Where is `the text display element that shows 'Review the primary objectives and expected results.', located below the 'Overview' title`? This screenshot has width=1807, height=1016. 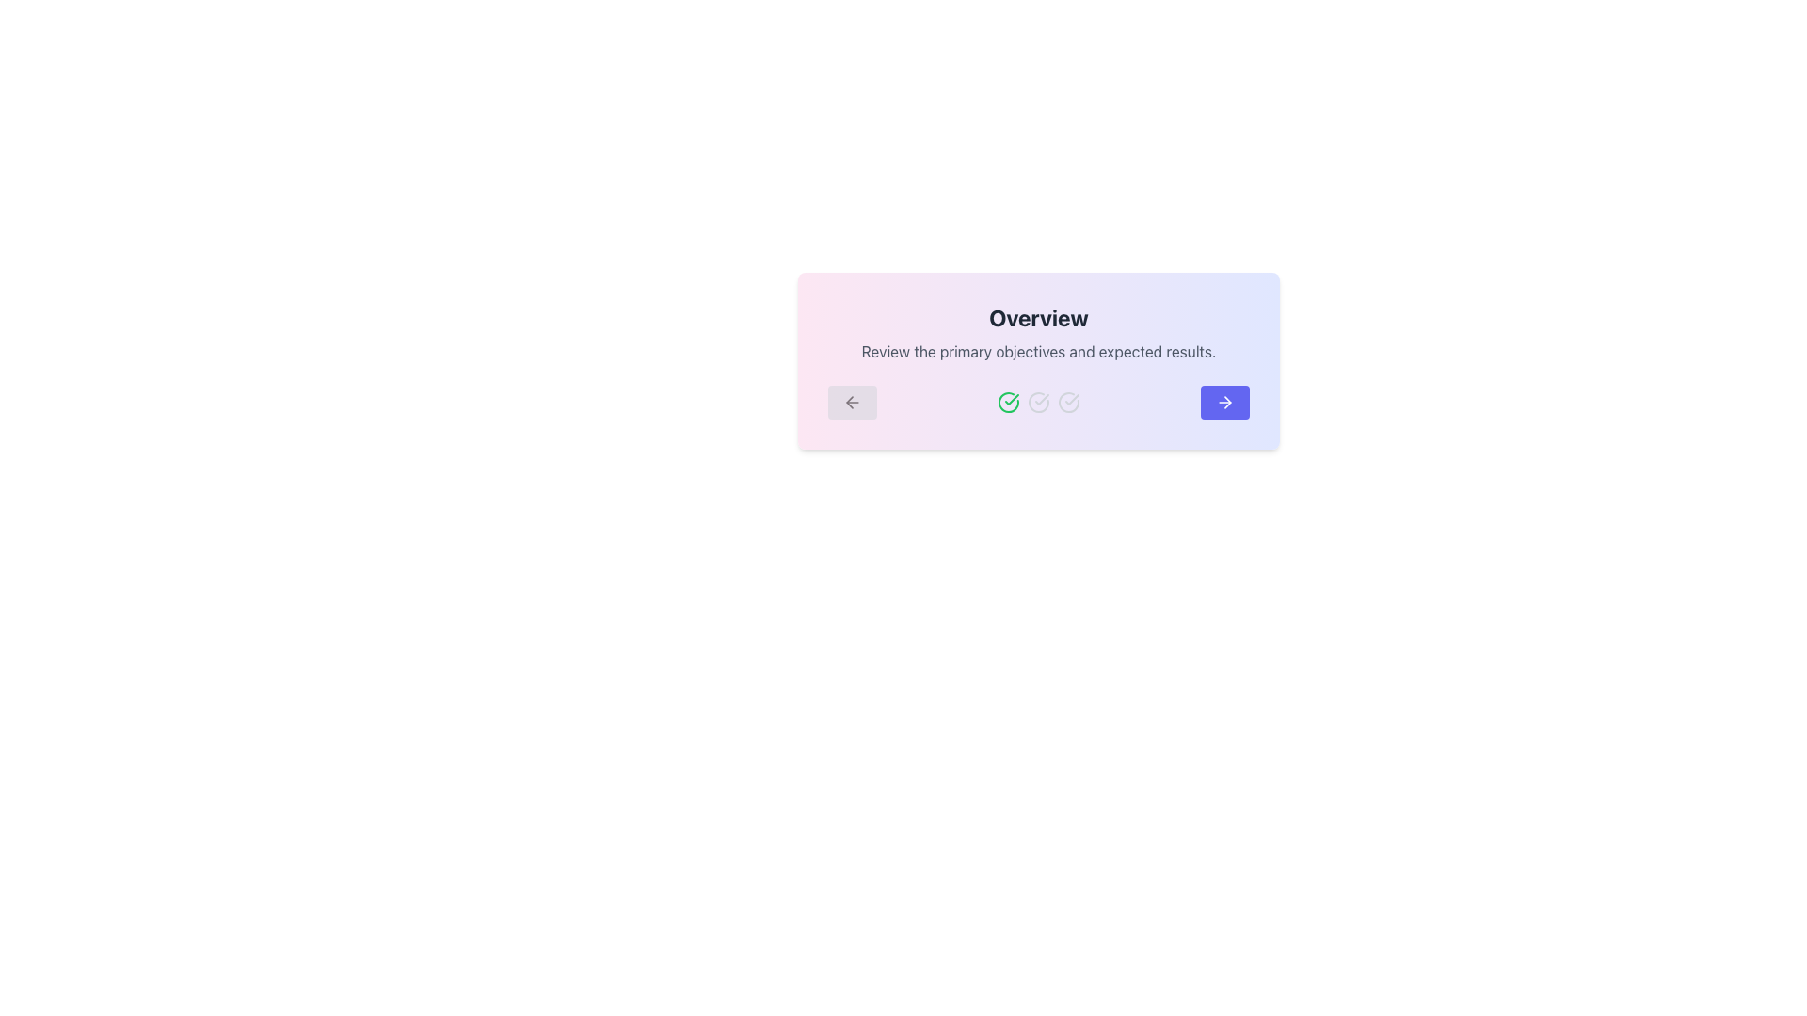 the text display element that shows 'Review the primary objectives and expected results.', located below the 'Overview' title is located at coordinates (1038, 352).